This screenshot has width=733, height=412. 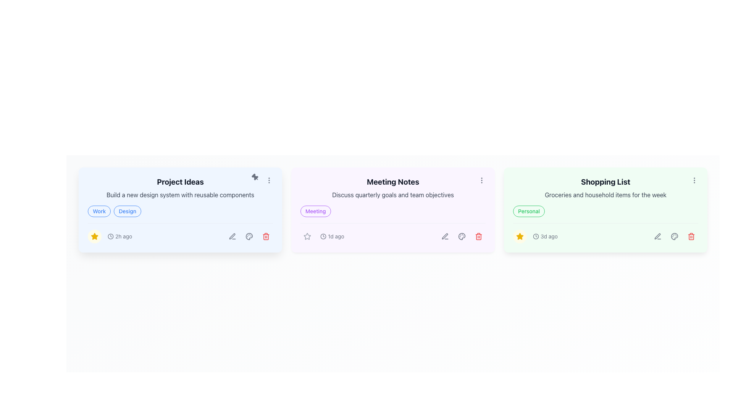 What do you see at coordinates (478, 236) in the screenshot?
I see `the delete icon located at the bottom right of the 'Meeting Notes' card` at bounding box center [478, 236].